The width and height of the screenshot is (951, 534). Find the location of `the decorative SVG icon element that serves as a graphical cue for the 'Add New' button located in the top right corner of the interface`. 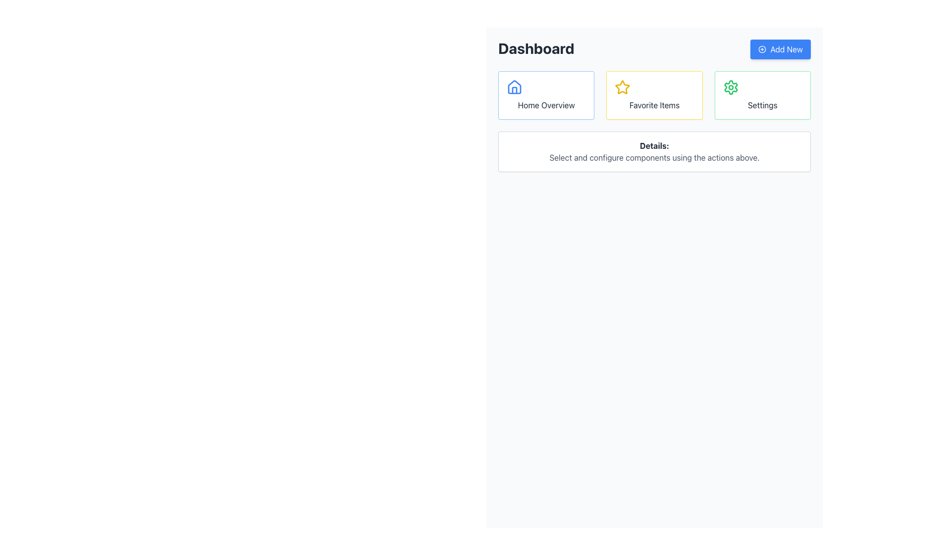

the decorative SVG icon element that serves as a graphical cue for the 'Add New' button located in the top right corner of the interface is located at coordinates (762, 49).